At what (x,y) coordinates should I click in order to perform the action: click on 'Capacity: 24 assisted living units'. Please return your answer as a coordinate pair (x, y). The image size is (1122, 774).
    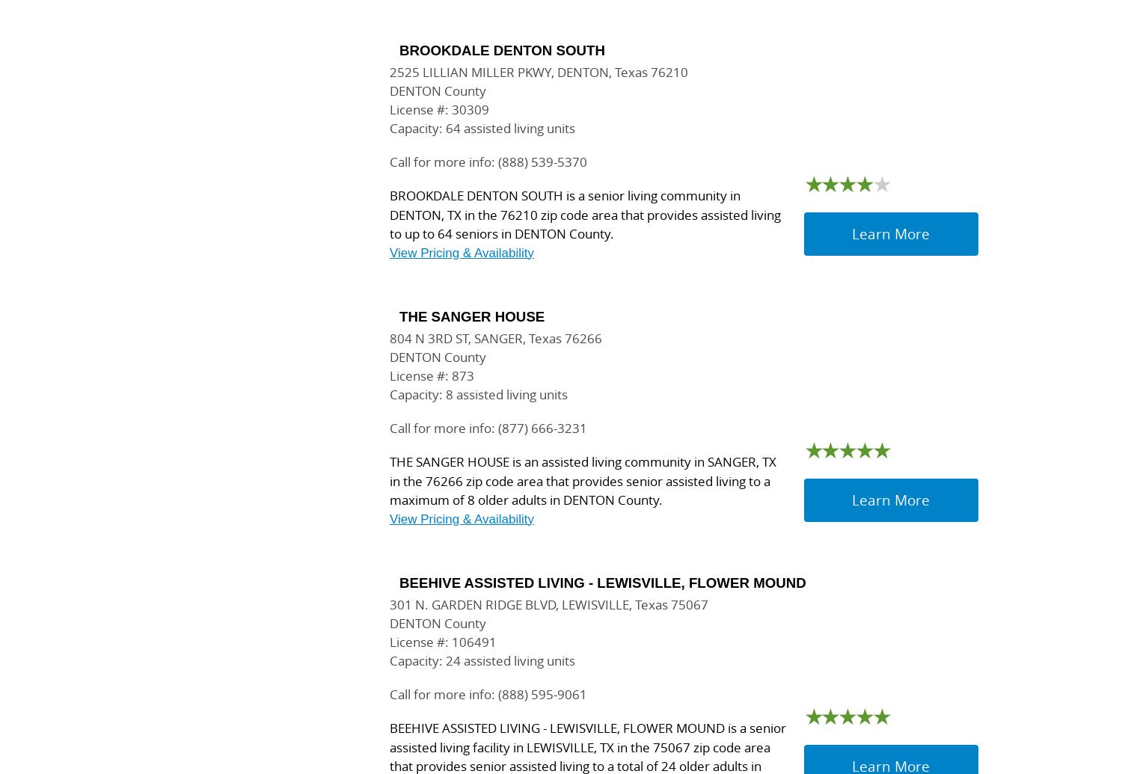
    Looking at the image, I should click on (482, 660).